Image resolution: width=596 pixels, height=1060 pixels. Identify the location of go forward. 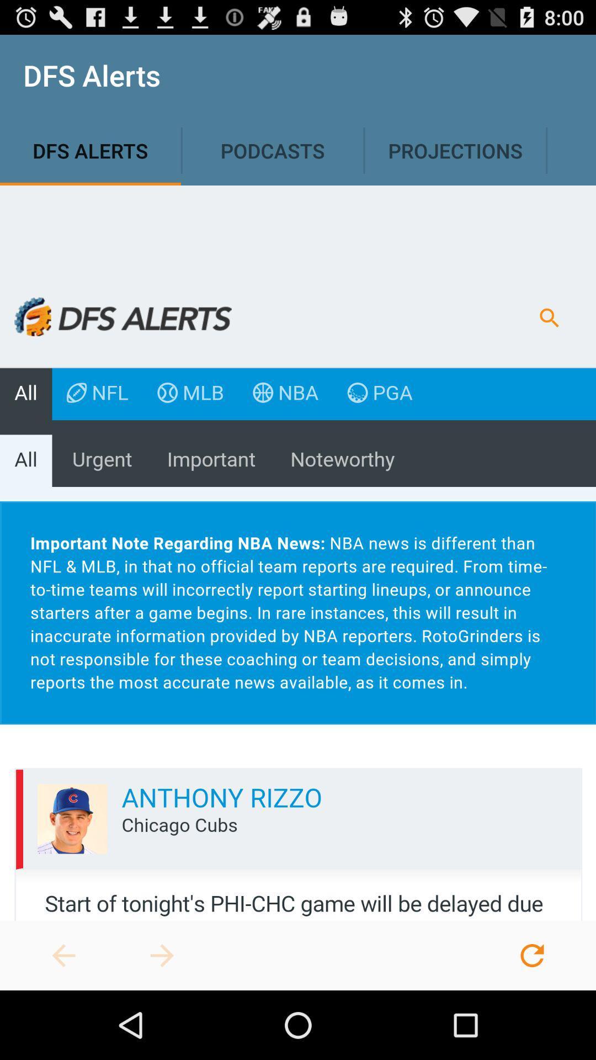
(162, 955).